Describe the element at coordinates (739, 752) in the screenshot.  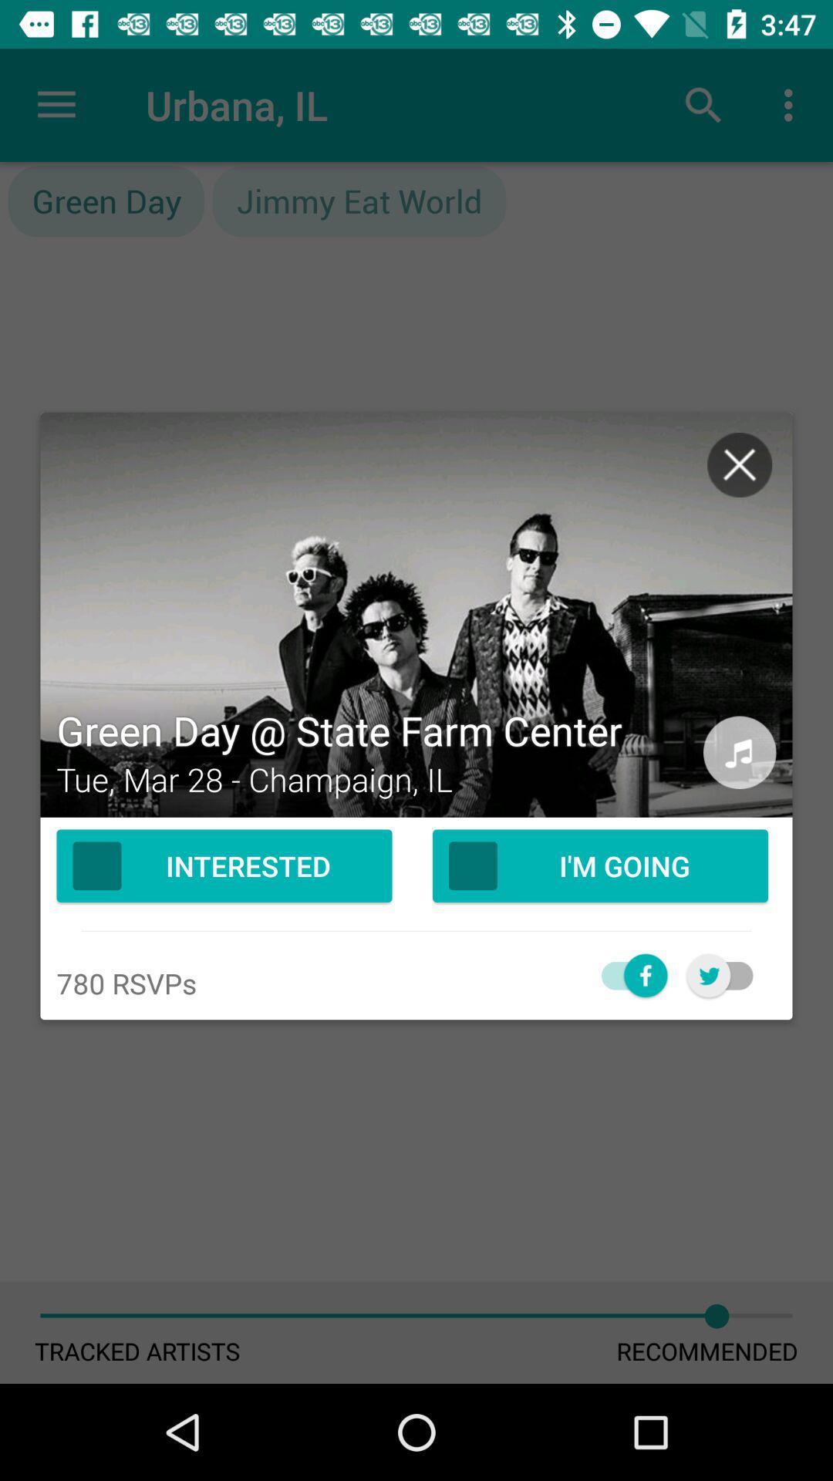
I see `listen` at that location.